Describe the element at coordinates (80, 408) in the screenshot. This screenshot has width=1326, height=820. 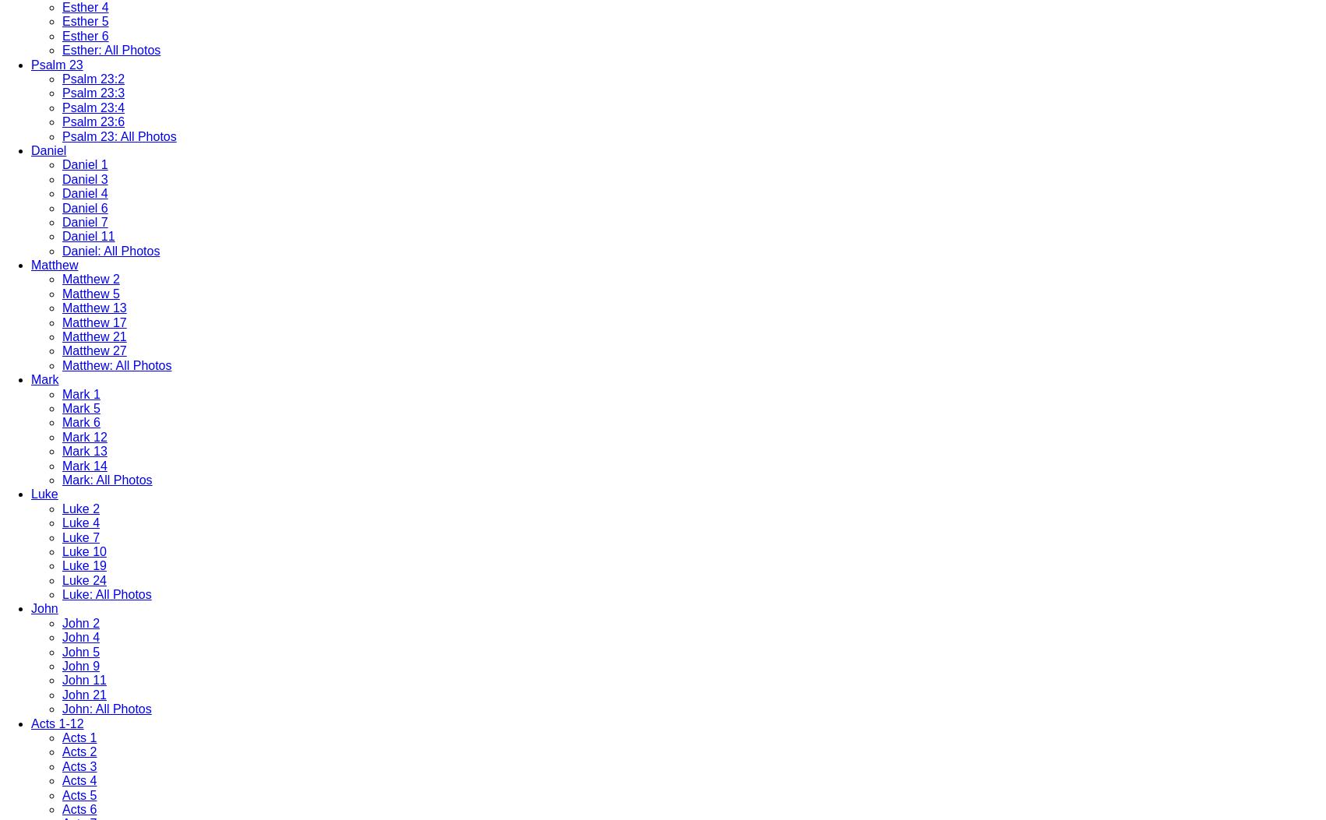
I see `'Mark 5'` at that location.